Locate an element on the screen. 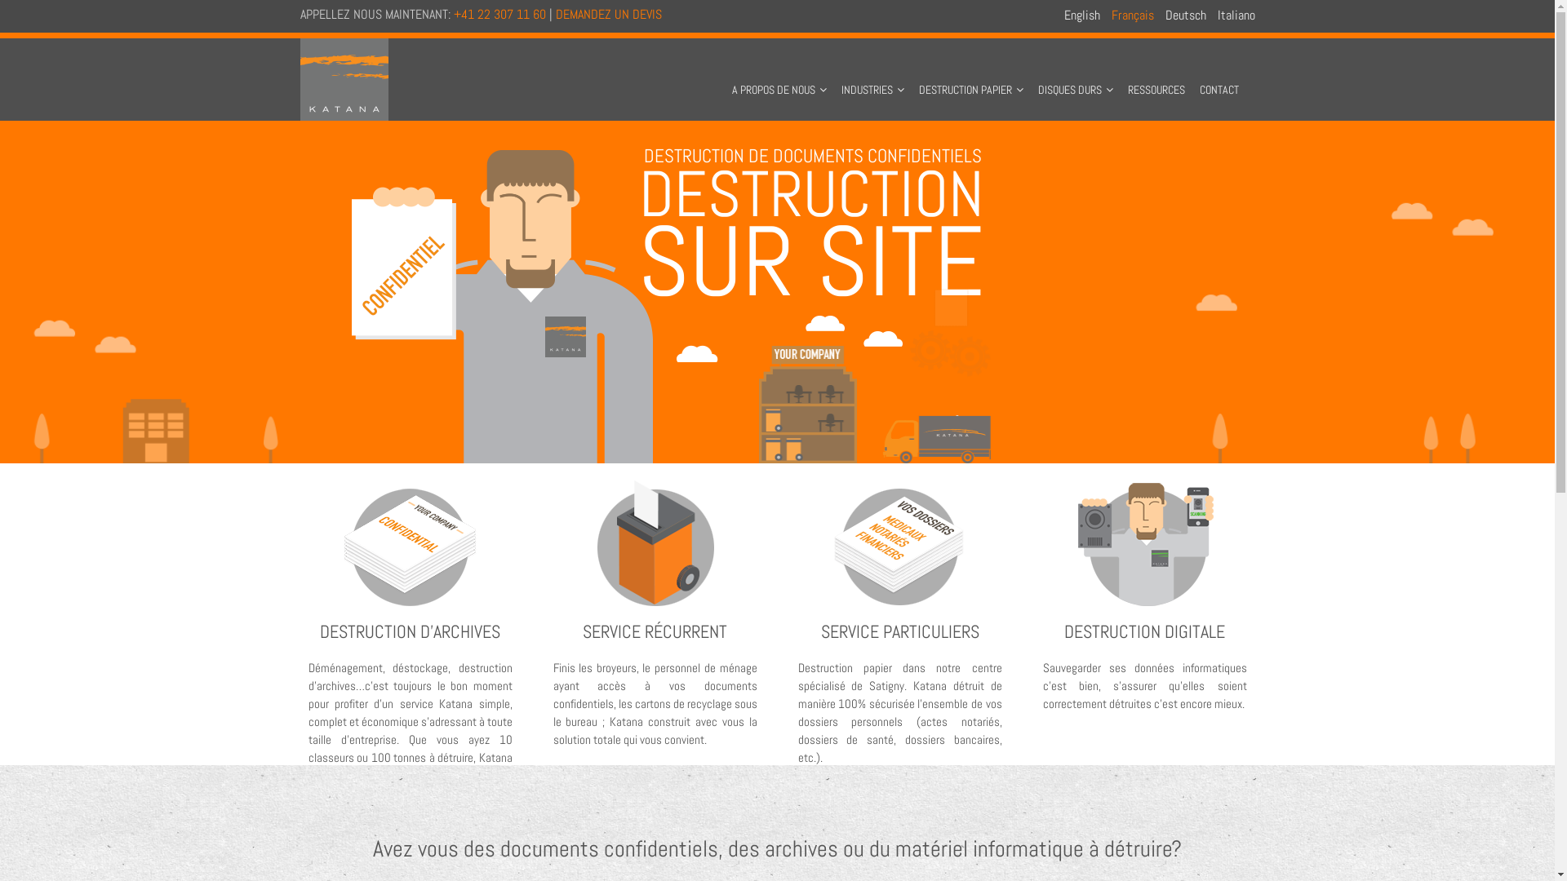  'INDUSTRIES' is located at coordinates (837, 76).